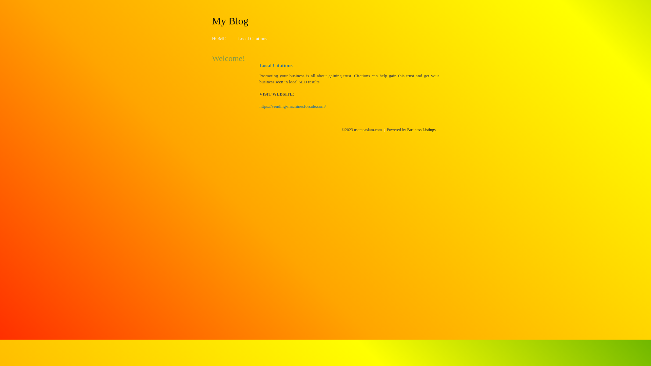 This screenshot has width=651, height=366. What do you see at coordinates (219, 39) in the screenshot?
I see `'HOME'` at bounding box center [219, 39].